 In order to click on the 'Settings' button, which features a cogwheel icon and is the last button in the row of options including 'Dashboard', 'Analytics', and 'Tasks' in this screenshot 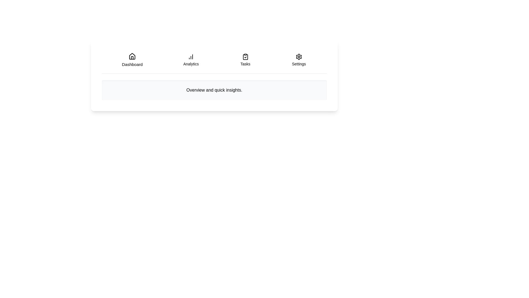, I will do `click(298, 60)`.